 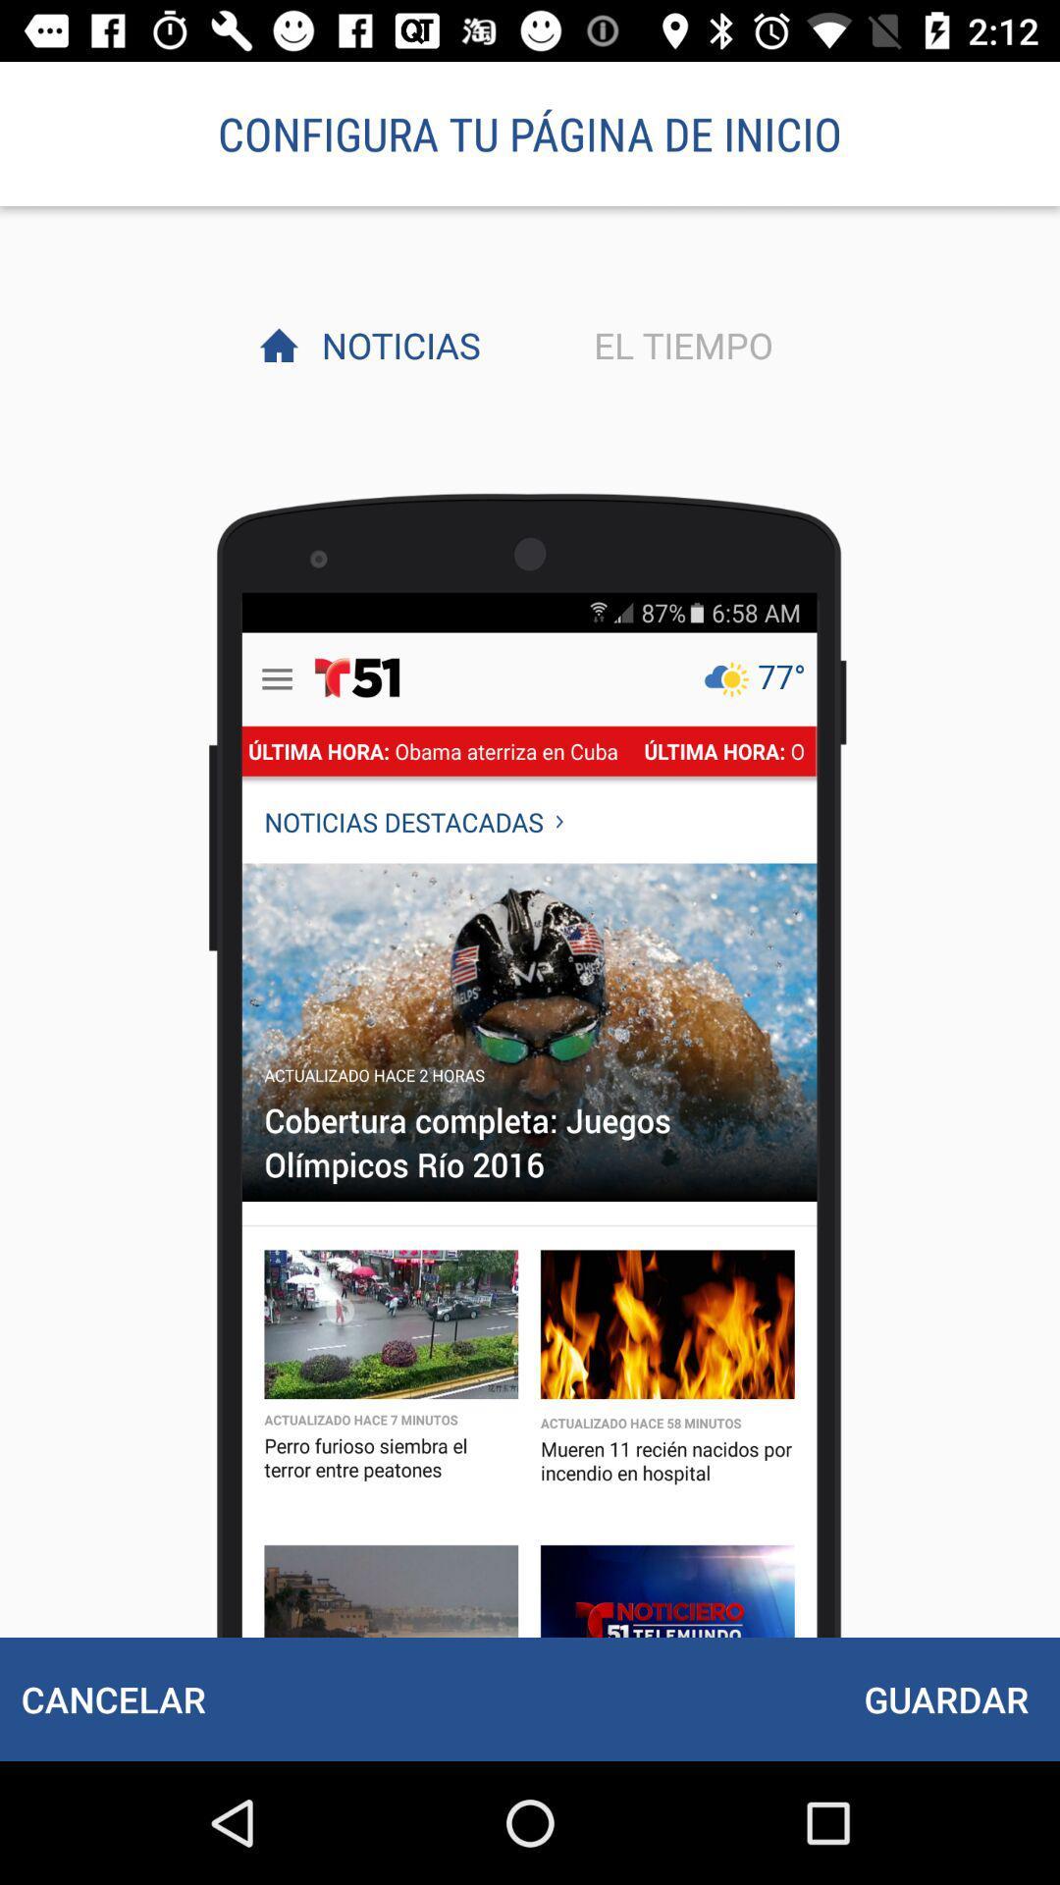 What do you see at coordinates (396, 345) in the screenshot?
I see `the noticias` at bounding box center [396, 345].